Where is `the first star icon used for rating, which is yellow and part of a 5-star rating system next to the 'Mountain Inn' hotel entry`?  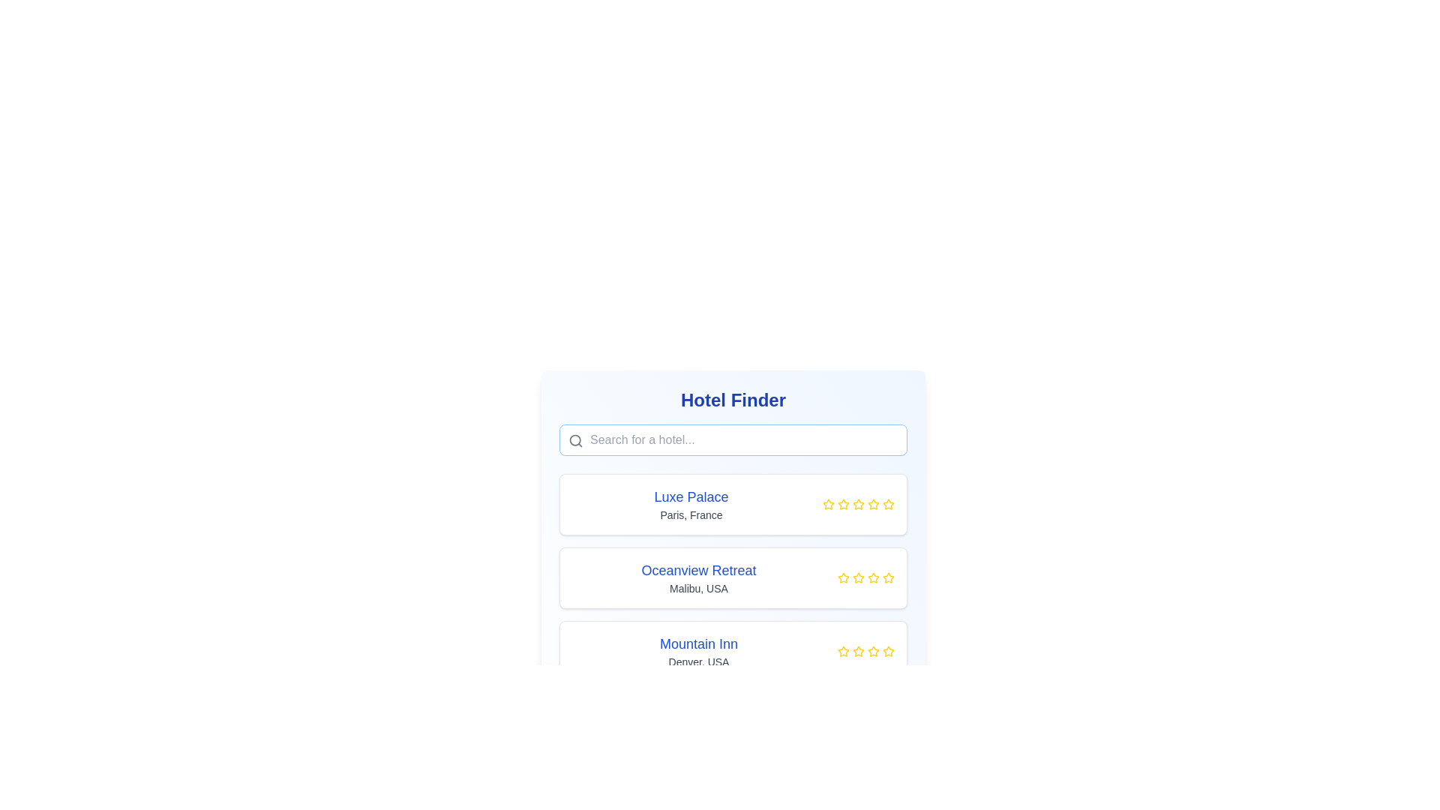
the first star icon used for rating, which is yellow and part of a 5-star rating system next to the 'Mountain Inn' hotel entry is located at coordinates (889, 650).